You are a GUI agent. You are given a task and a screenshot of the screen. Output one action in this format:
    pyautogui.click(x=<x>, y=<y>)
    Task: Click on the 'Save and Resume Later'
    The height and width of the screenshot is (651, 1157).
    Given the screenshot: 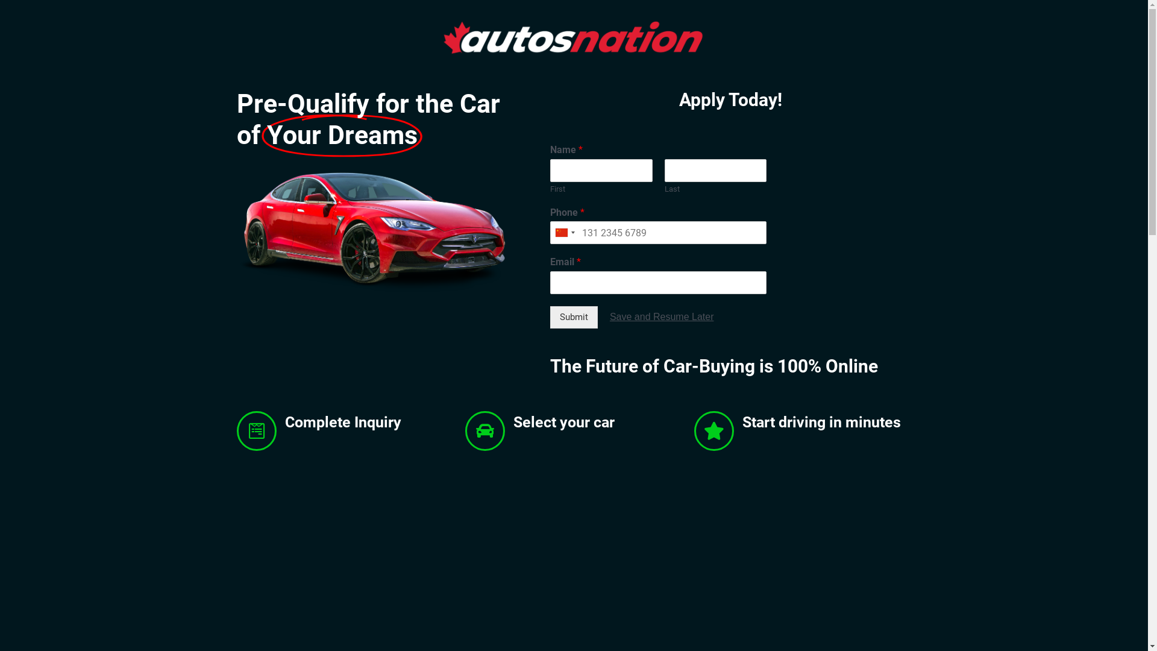 What is the action you would take?
    pyautogui.click(x=661, y=316)
    